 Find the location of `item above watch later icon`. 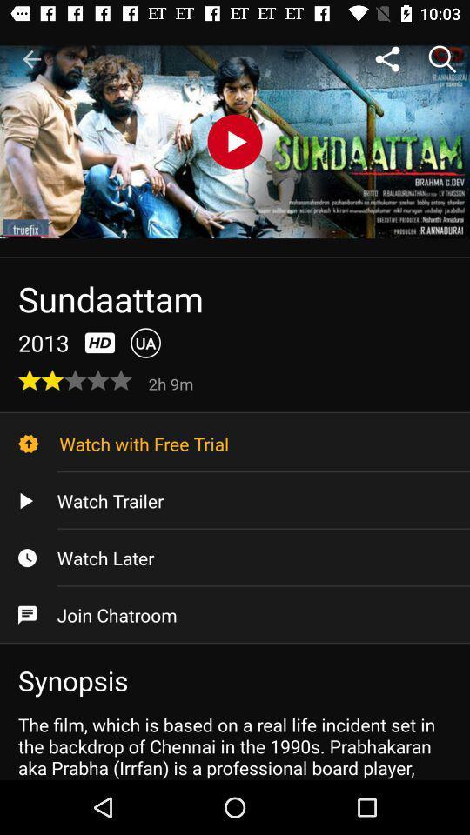

item above watch later icon is located at coordinates (235, 501).